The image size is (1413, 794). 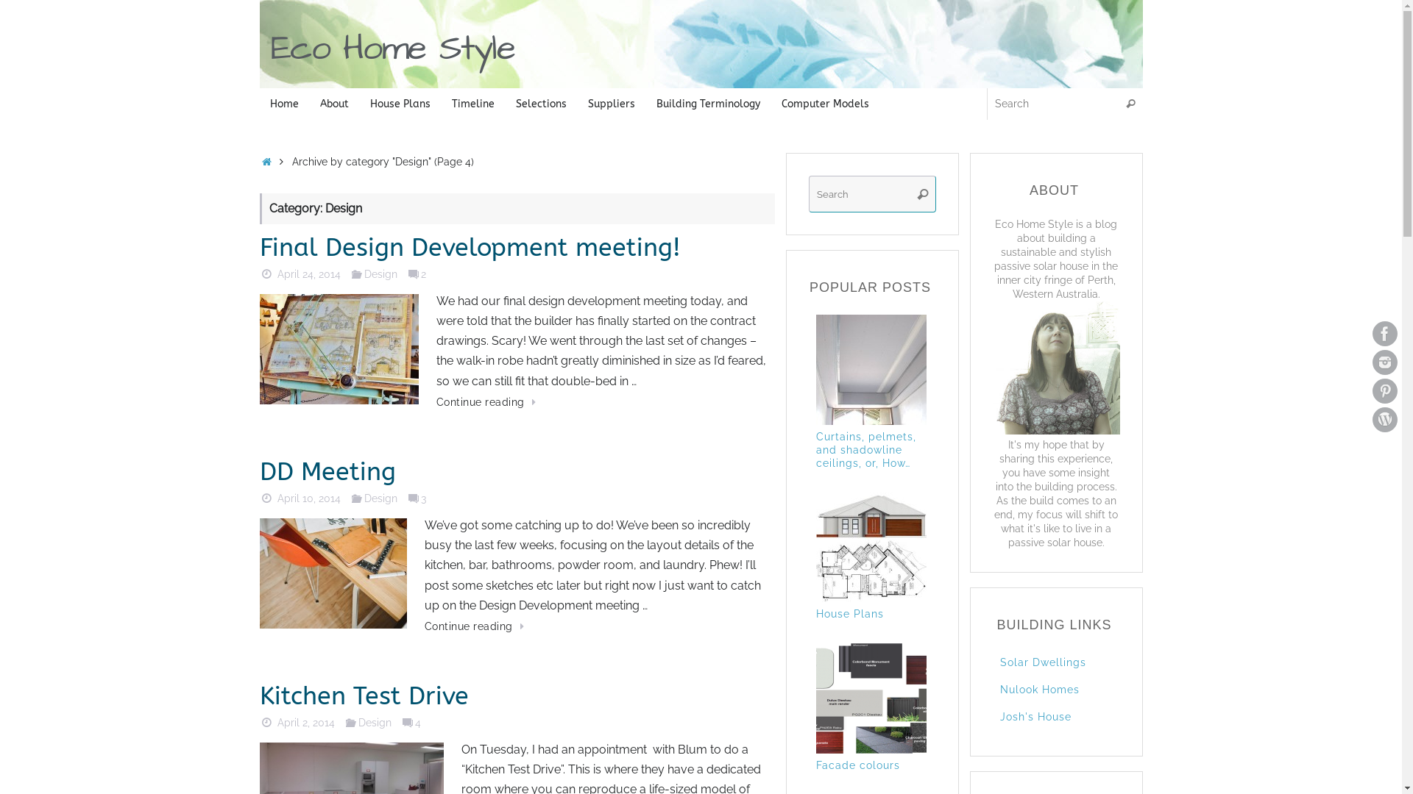 What do you see at coordinates (305, 721) in the screenshot?
I see `'April 2, 2014'` at bounding box center [305, 721].